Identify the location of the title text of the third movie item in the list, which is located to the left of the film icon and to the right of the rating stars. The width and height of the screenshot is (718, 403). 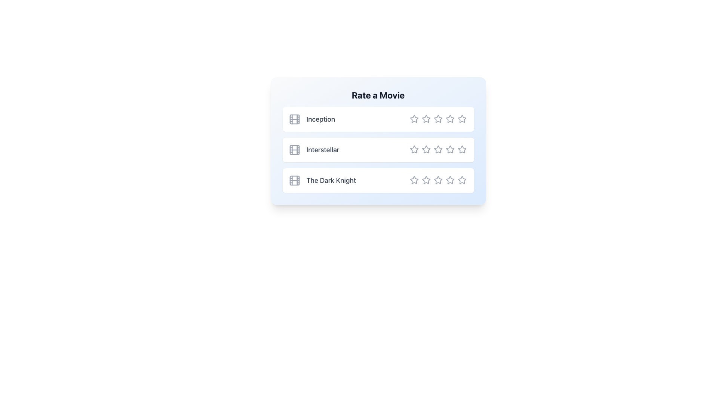
(331, 180).